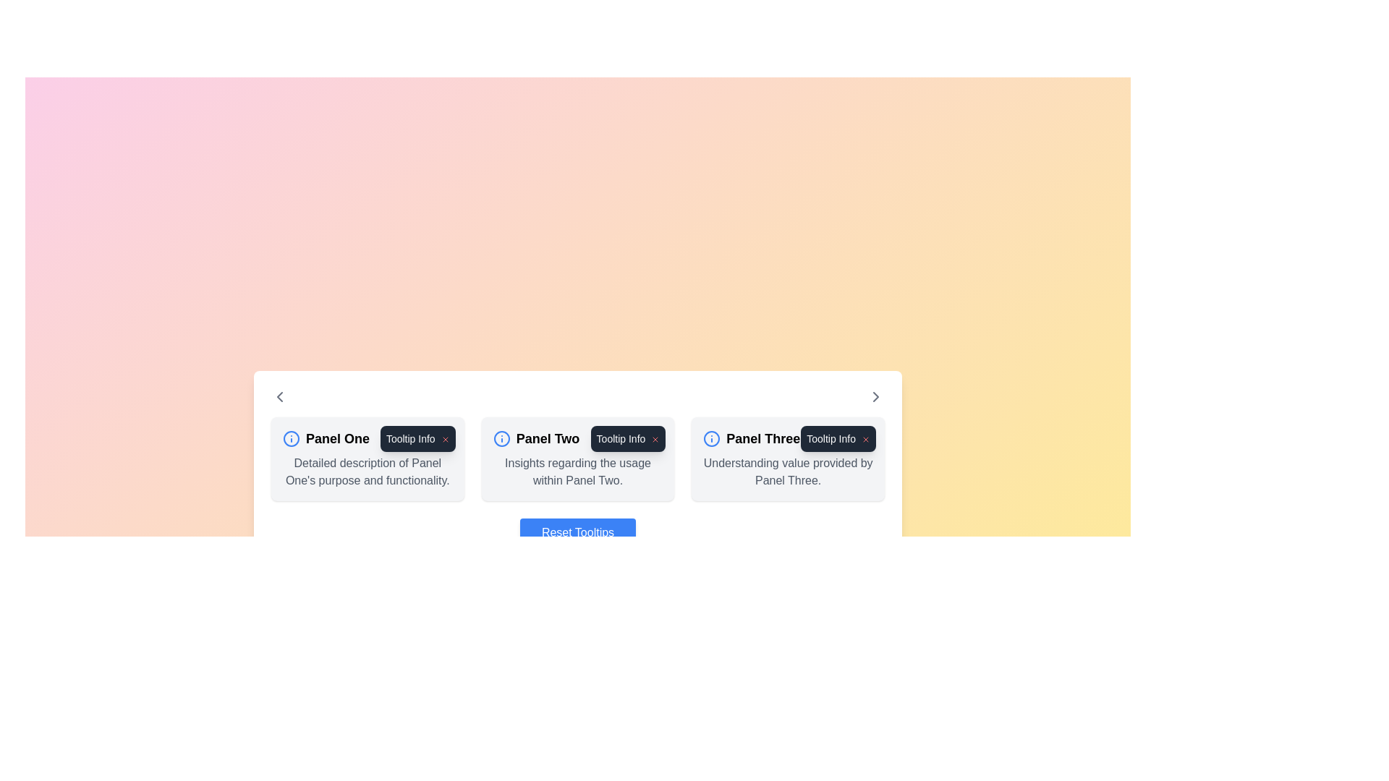  I want to click on the interactive icon located at the leftmost part of the header in 'Panel One', so click(291, 438).